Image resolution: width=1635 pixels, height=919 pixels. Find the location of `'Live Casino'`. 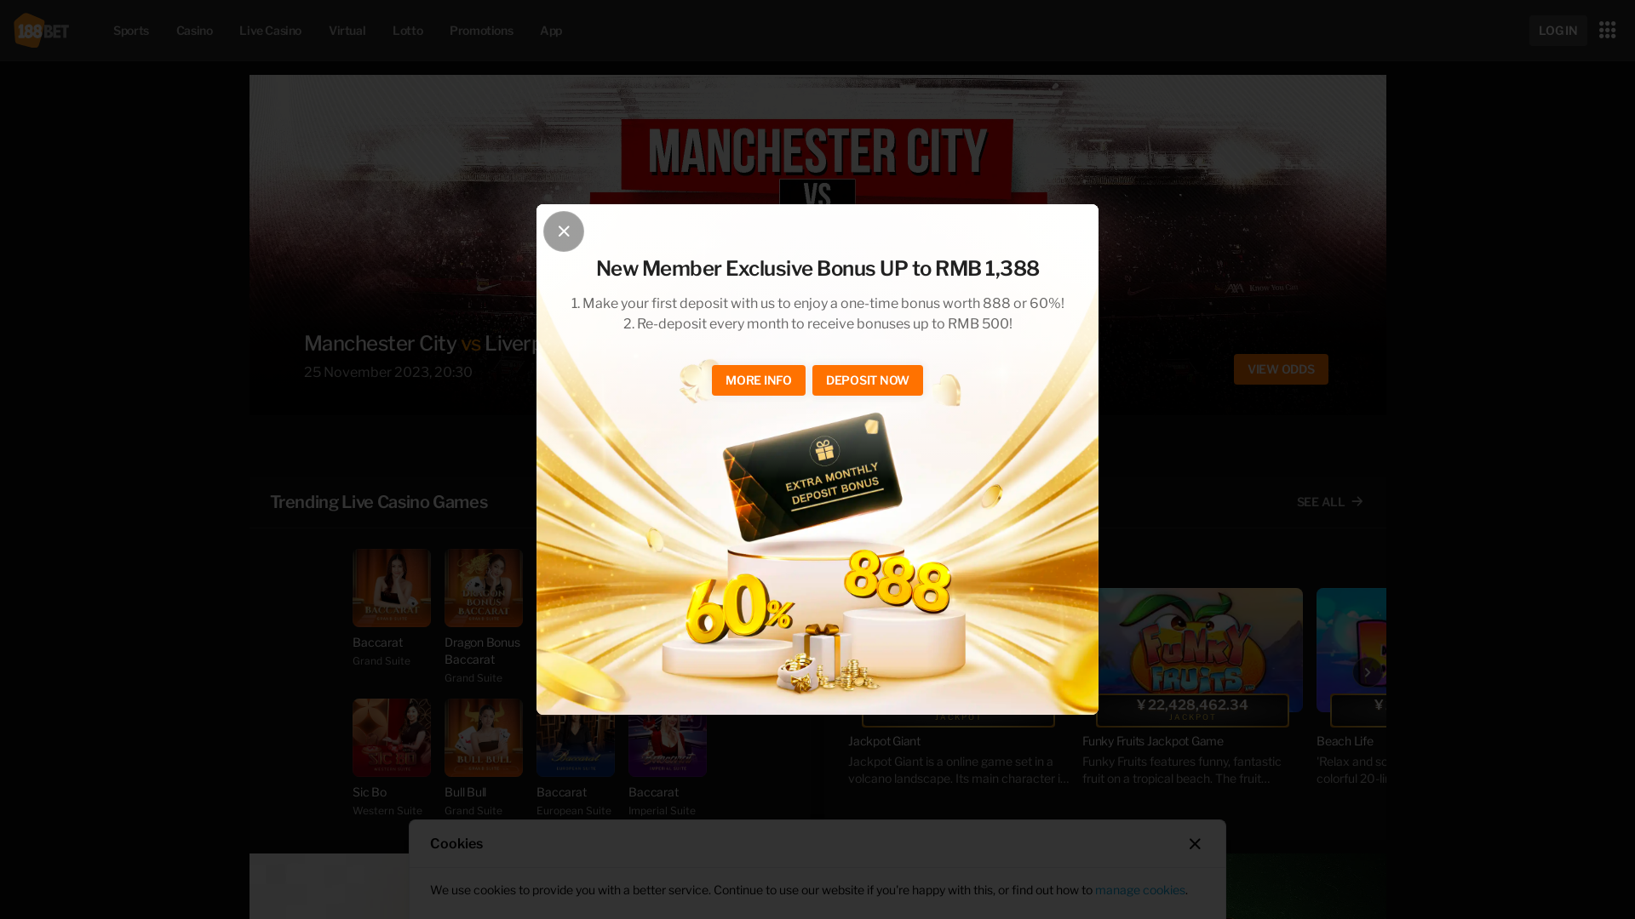

'Live Casino' is located at coordinates (269, 29).